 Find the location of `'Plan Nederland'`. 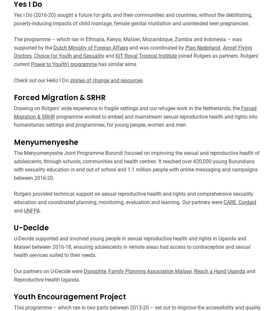

'Plan Nederland' is located at coordinates (202, 47).